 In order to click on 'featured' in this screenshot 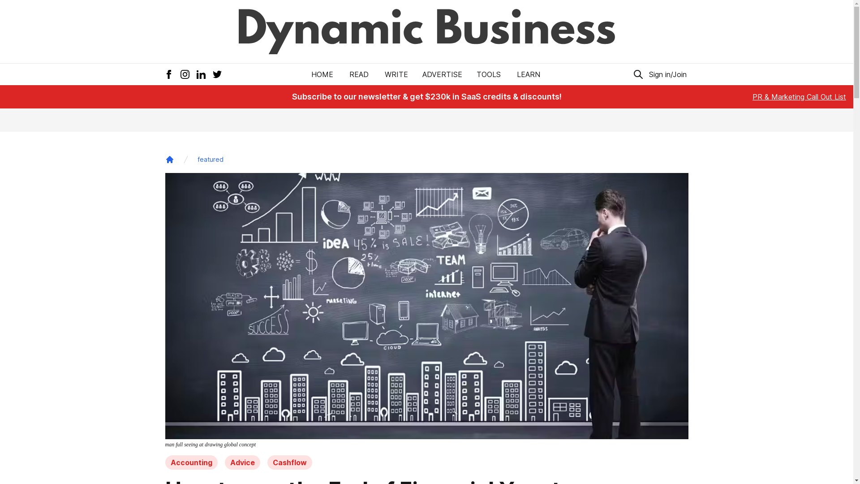, I will do `click(210, 159)`.